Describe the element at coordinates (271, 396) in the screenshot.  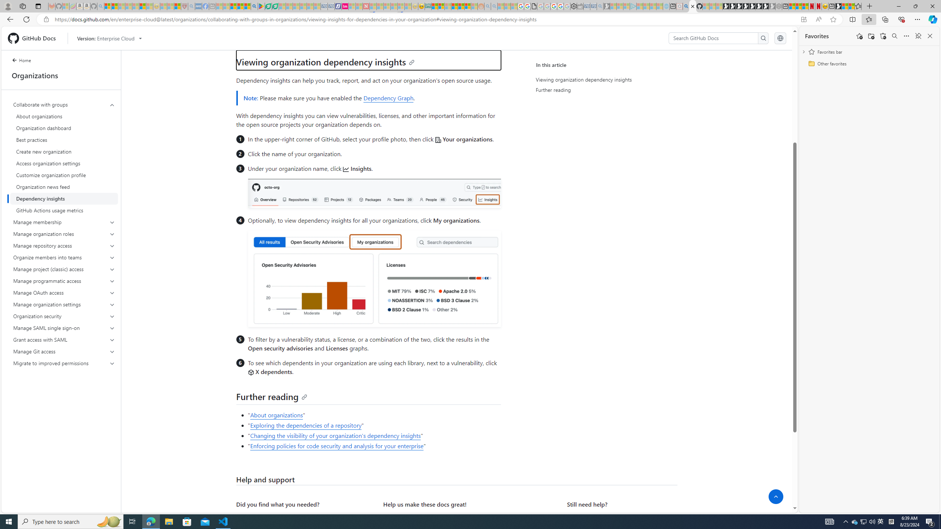
I see `'Further reading'` at that location.